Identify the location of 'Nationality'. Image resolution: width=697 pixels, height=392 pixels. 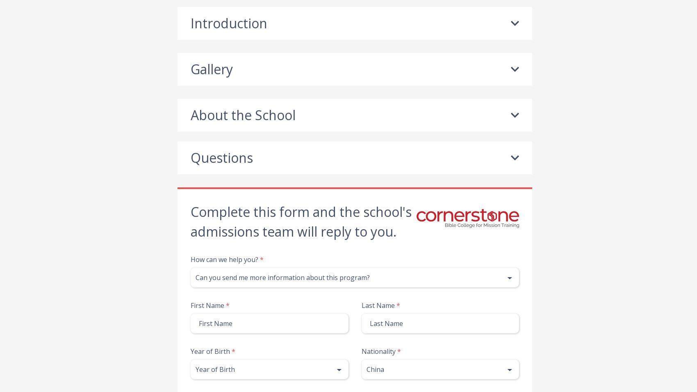
(378, 351).